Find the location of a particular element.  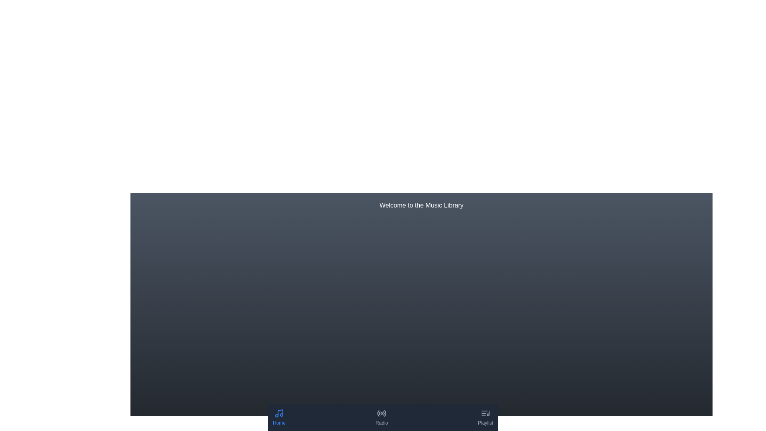

the 'Home' text label, which is styled with a small font size and blue color, located underneath the musical note icon in the bottom navigation bar is located at coordinates (279, 423).